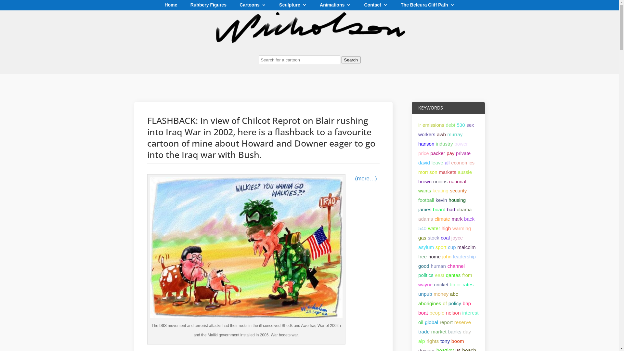  Describe the element at coordinates (470, 312) in the screenshot. I see `'interest'` at that location.